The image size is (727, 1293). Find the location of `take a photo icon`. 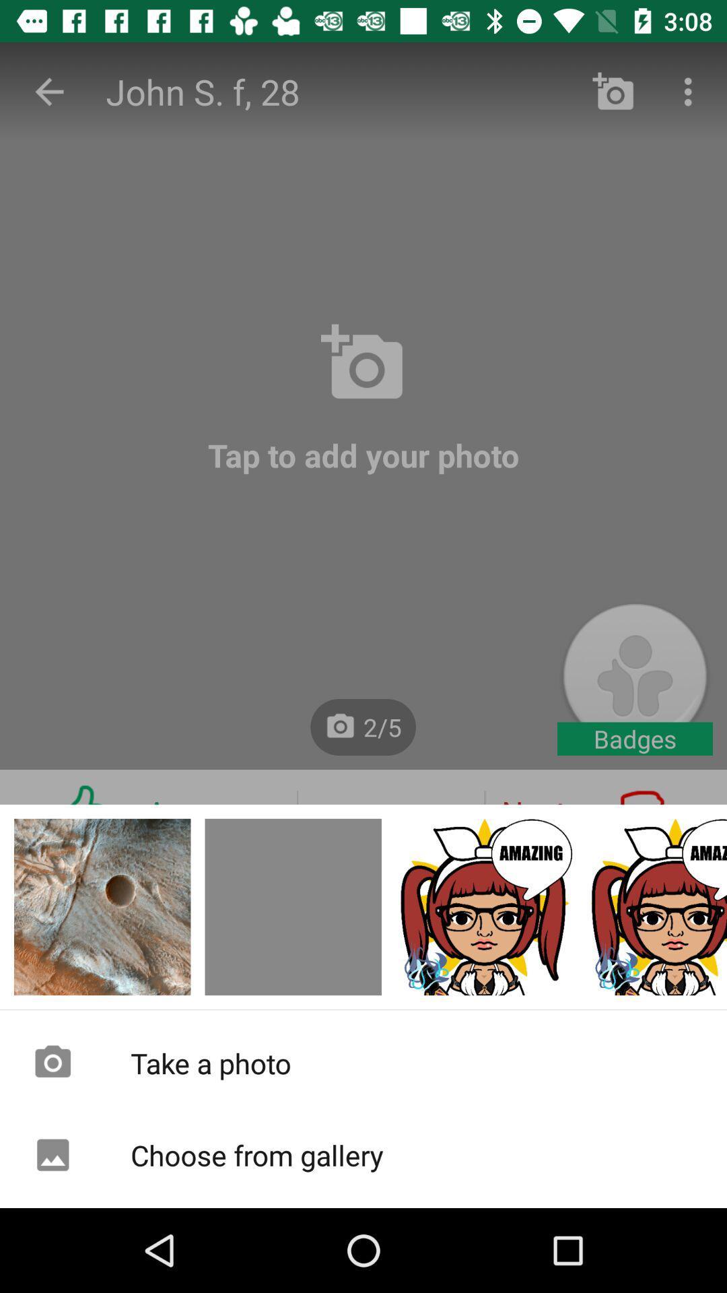

take a photo icon is located at coordinates (363, 1062).